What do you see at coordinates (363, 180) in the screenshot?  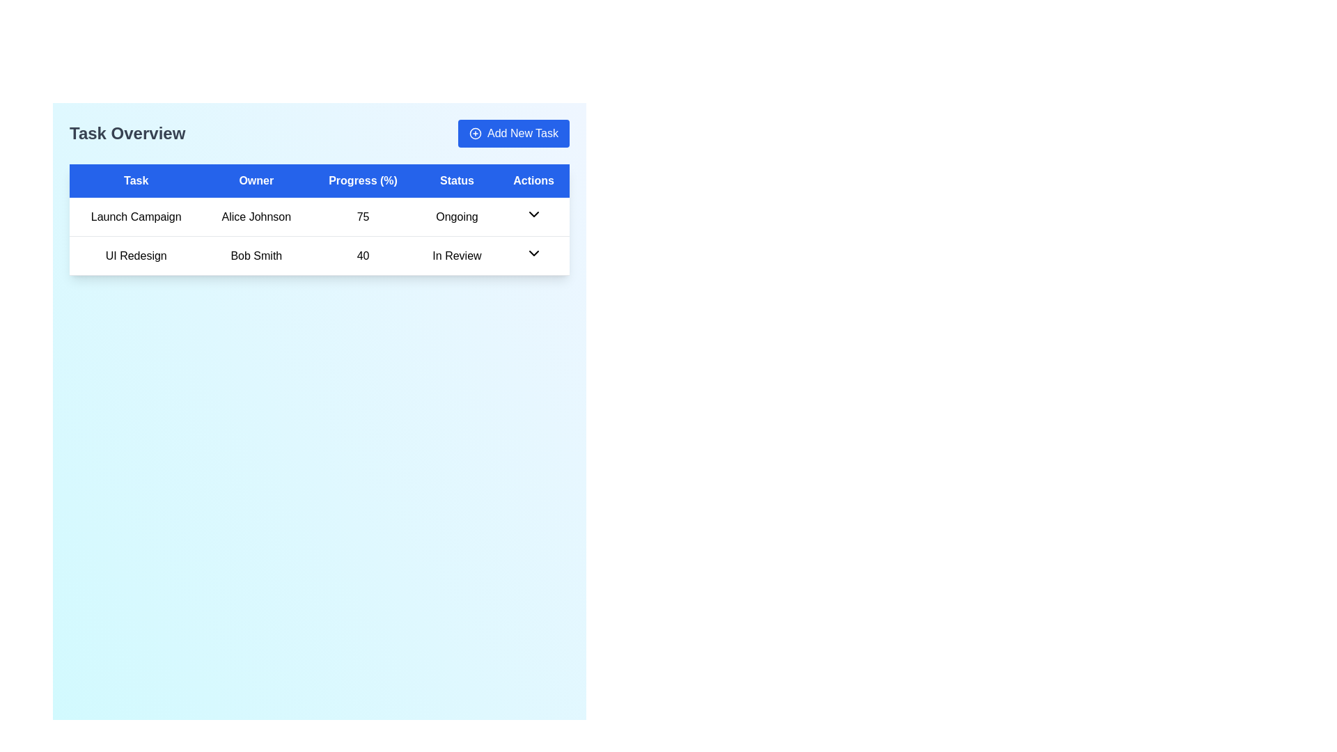 I see `the 'Progress (%)' header, which is the third column header in the table, featuring white text on a blue background` at bounding box center [363, 180].